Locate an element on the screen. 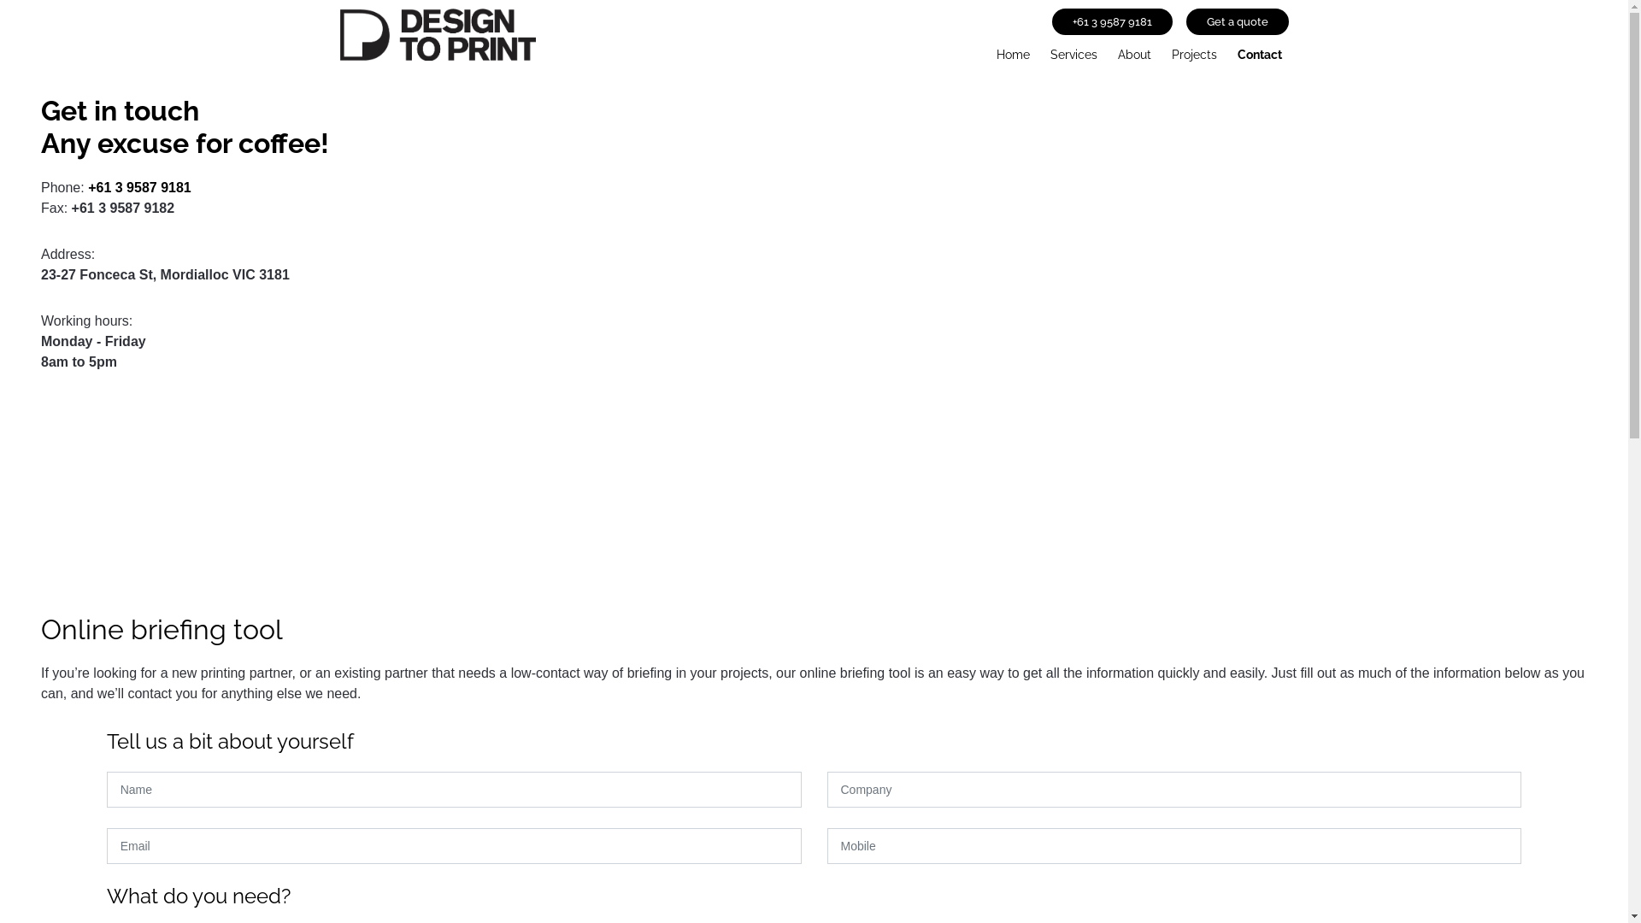 The image size is (1641, 923). 'Contact' is located at coordinates (1259, 50).